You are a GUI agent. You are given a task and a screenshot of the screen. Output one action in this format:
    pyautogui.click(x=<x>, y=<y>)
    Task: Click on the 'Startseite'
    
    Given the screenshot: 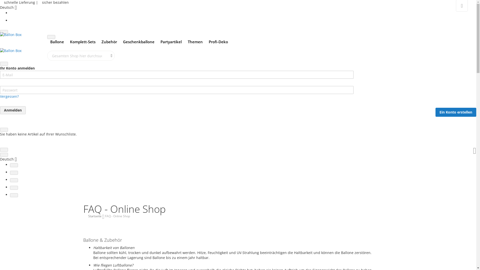 What is the action you would take?
    pyautogui.click(x=88, y=216)
    